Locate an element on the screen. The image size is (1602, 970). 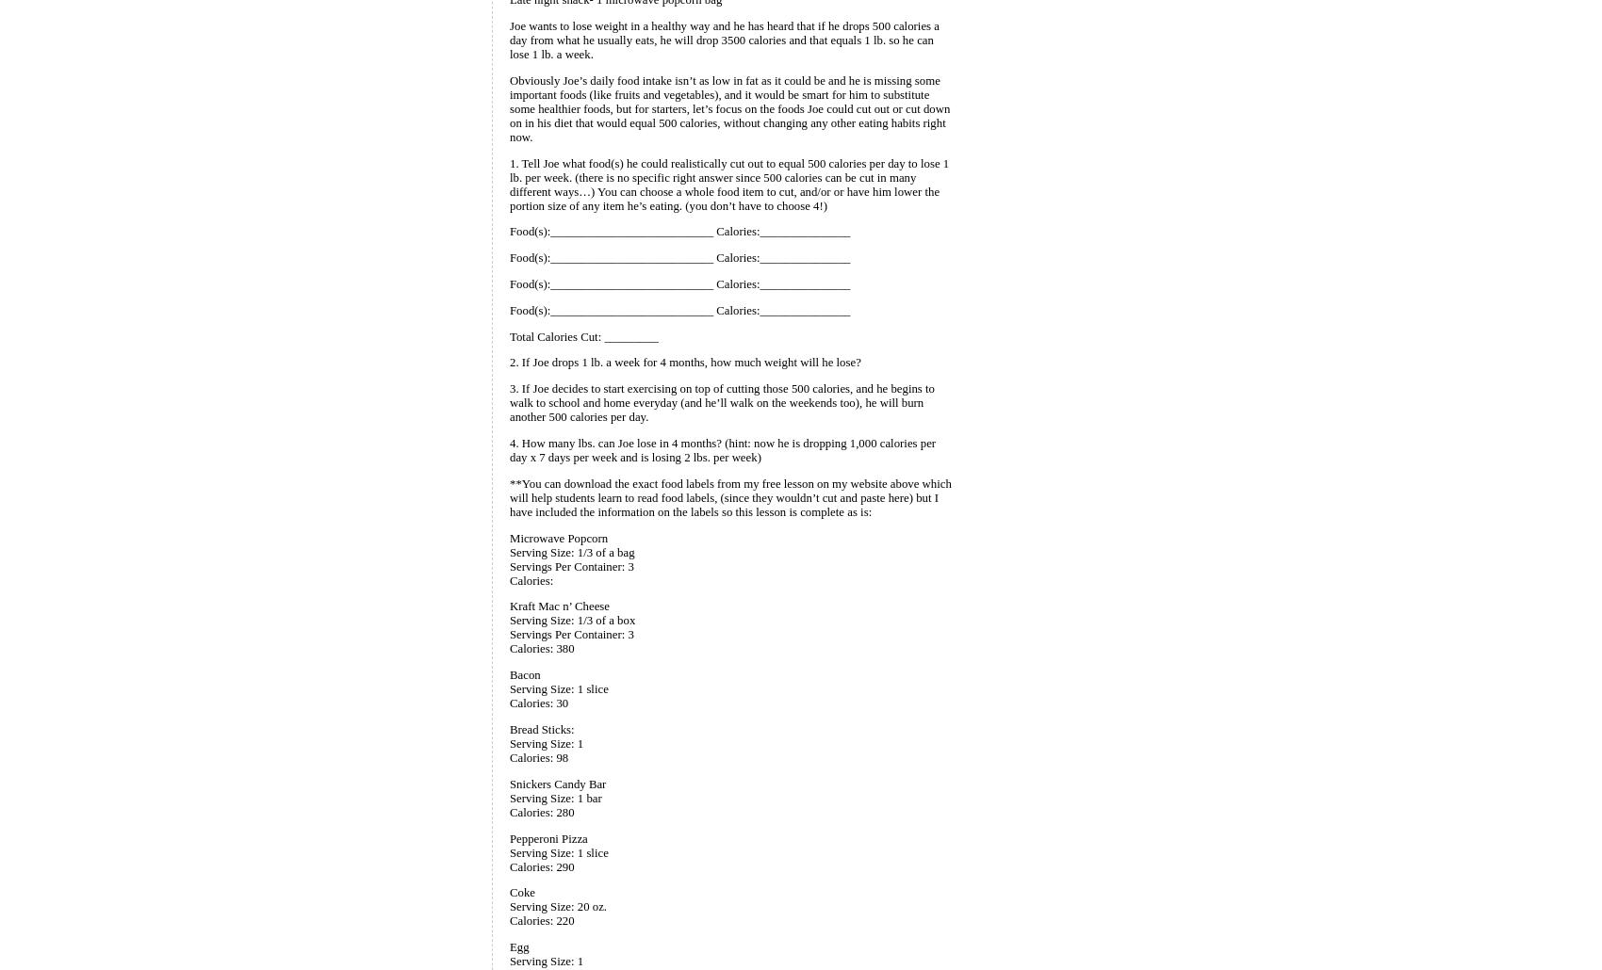
'Serving Size: 1/3 of a box' is located at coordinates (508, 619).